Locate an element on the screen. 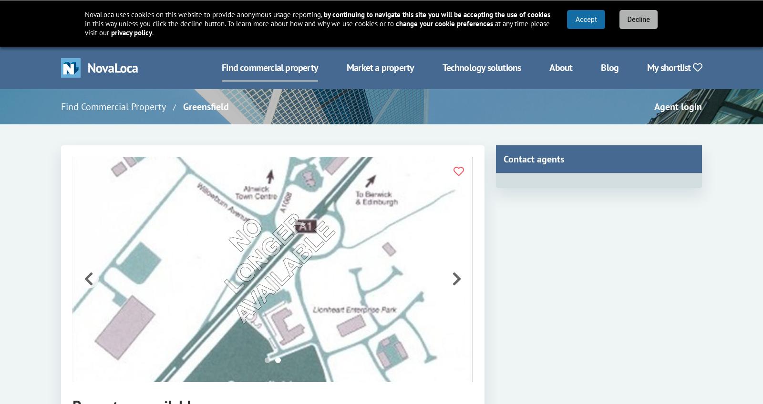  'Agent login' is located at coordinates (677, 106).